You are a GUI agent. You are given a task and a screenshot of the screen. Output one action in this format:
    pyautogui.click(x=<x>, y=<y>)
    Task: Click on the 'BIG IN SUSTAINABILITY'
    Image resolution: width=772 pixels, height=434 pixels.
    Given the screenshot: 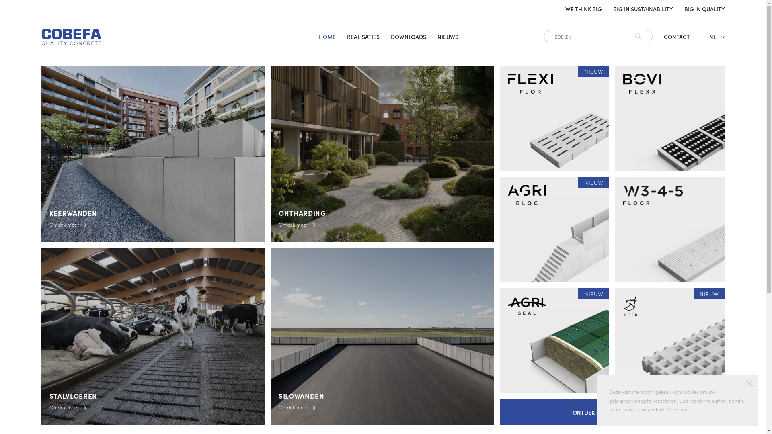 What is the action you would take?
    pyautogui.click(x=642, y=9)
    